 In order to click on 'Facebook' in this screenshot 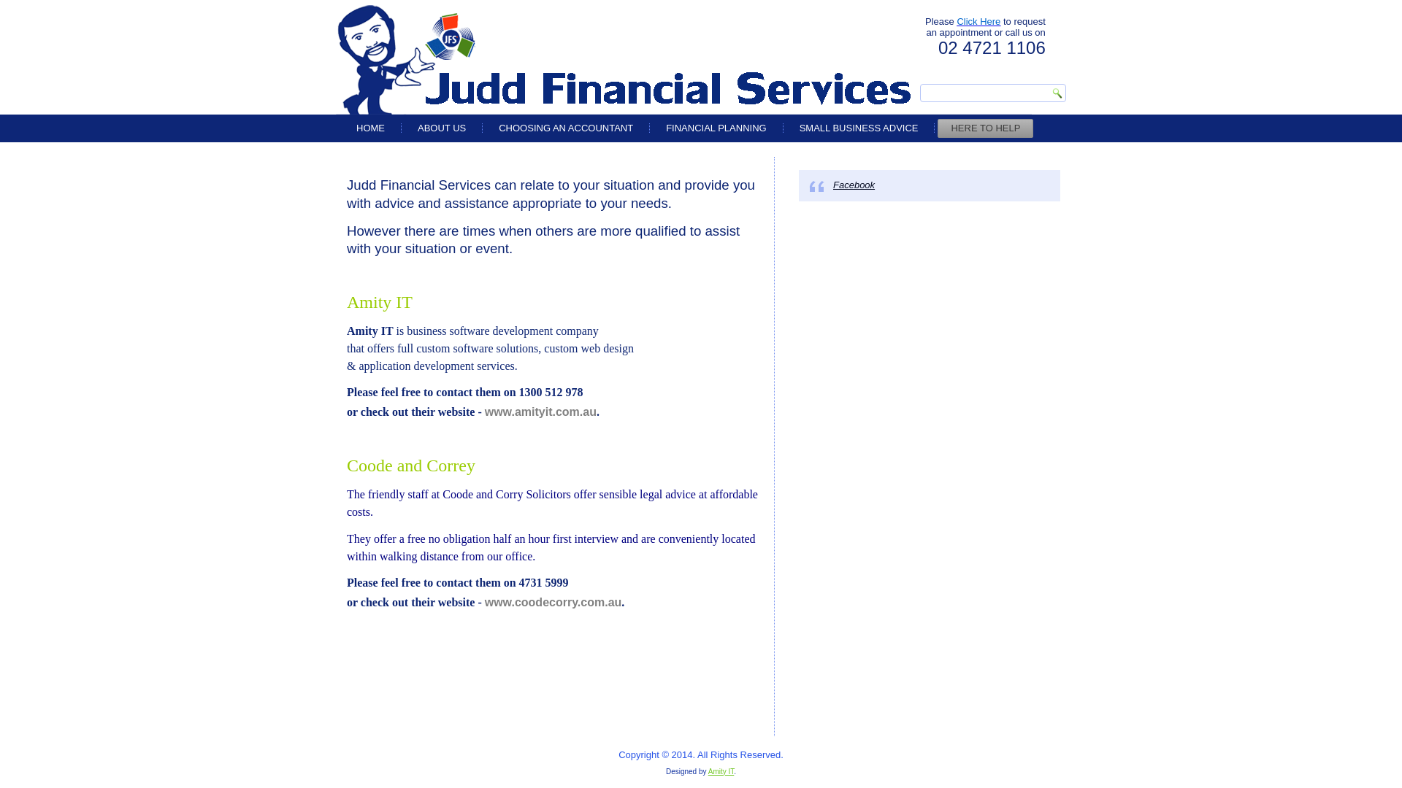, I will do `click(854, 184)`.